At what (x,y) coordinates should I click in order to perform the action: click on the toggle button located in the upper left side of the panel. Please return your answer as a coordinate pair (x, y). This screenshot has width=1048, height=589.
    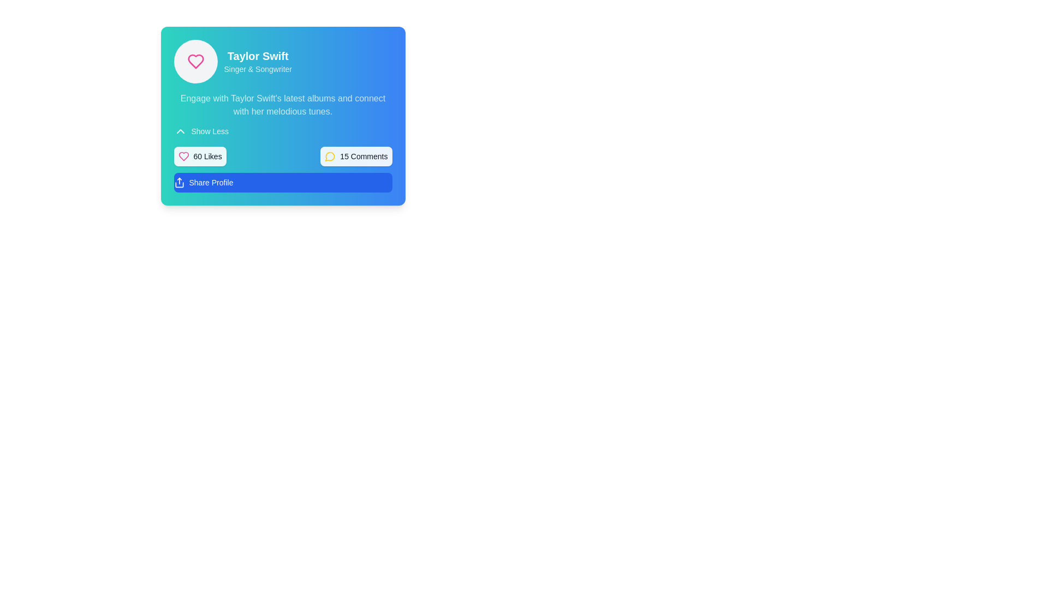
    Looking at the image, I should click on (210, 130).